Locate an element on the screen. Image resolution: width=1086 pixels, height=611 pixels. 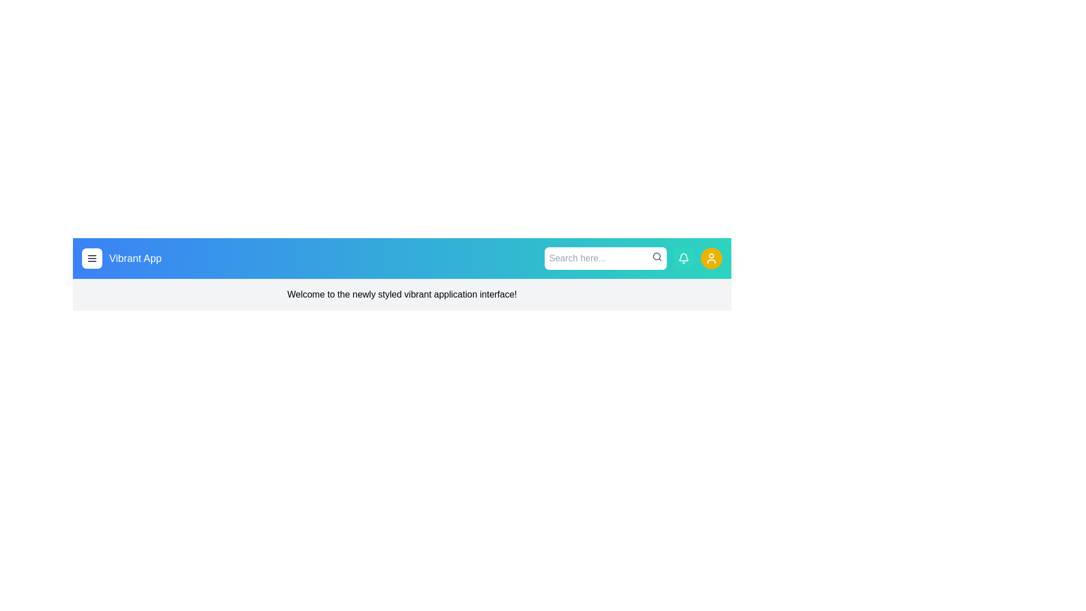
the profile user button is located at coordinates (710, 258).